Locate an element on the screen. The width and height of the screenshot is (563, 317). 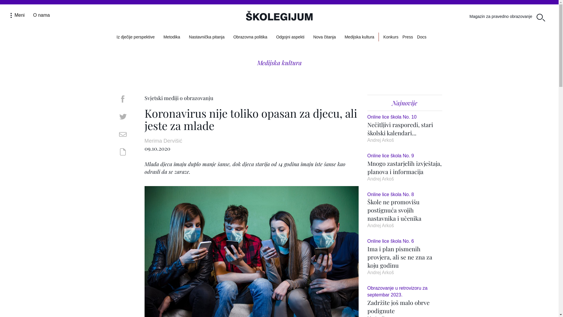
'Odgojni aspekti' is located at coordinates (290, 37).